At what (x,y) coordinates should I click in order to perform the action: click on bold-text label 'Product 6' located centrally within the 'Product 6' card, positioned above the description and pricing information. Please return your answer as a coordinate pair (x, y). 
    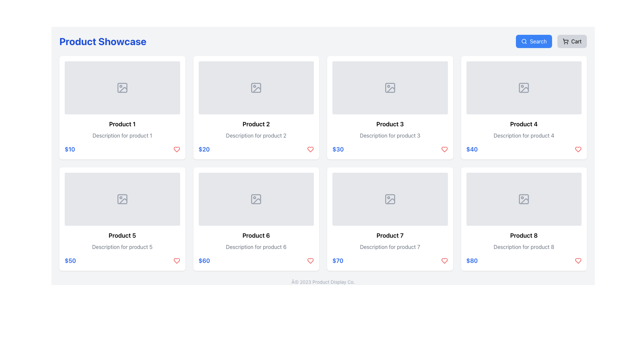
    Looking at the image, I should click on (256, 235).